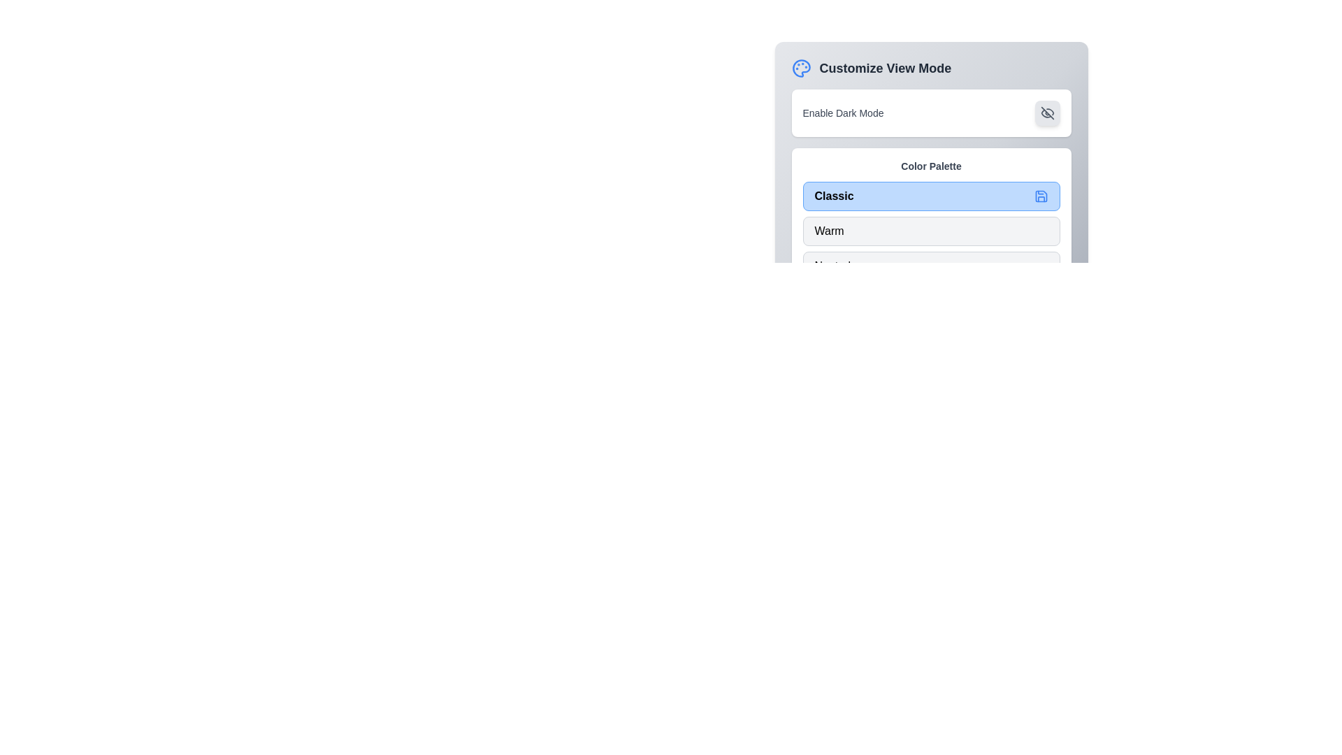 This screenshot has height=755, width=1342. Describe the element at coordinates (931, 113) in the screenshot. I see `the setting toggle for enabling or disabling dark mode, located within the 'Customize View Mode' card, directly below the title and above the 'Color Palette' section` at that location.